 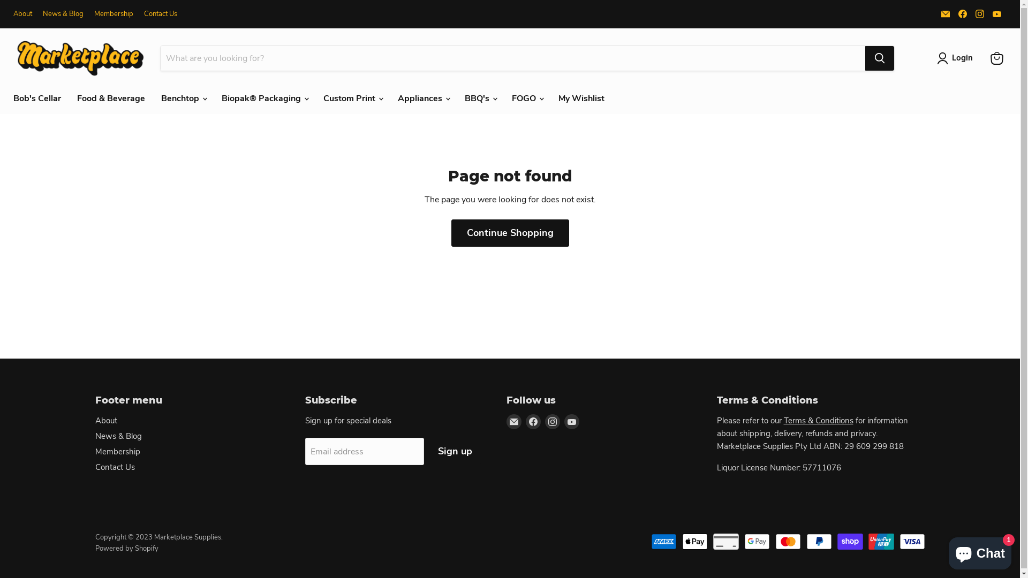 I want to click on 'Email Marketplace Supplies', so click(x=514, y=421).